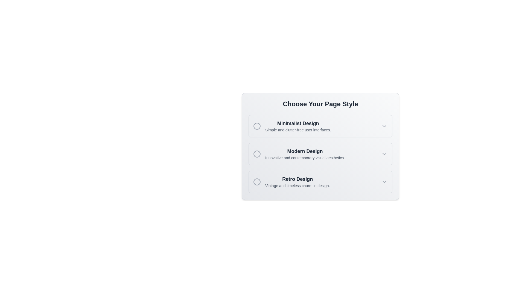  What do you see at coordinates (257, 154) in the screenshot?
I see `the circular radio button indicator located to the left of the text 'Modern Design'` at bounding box center [257, 154].